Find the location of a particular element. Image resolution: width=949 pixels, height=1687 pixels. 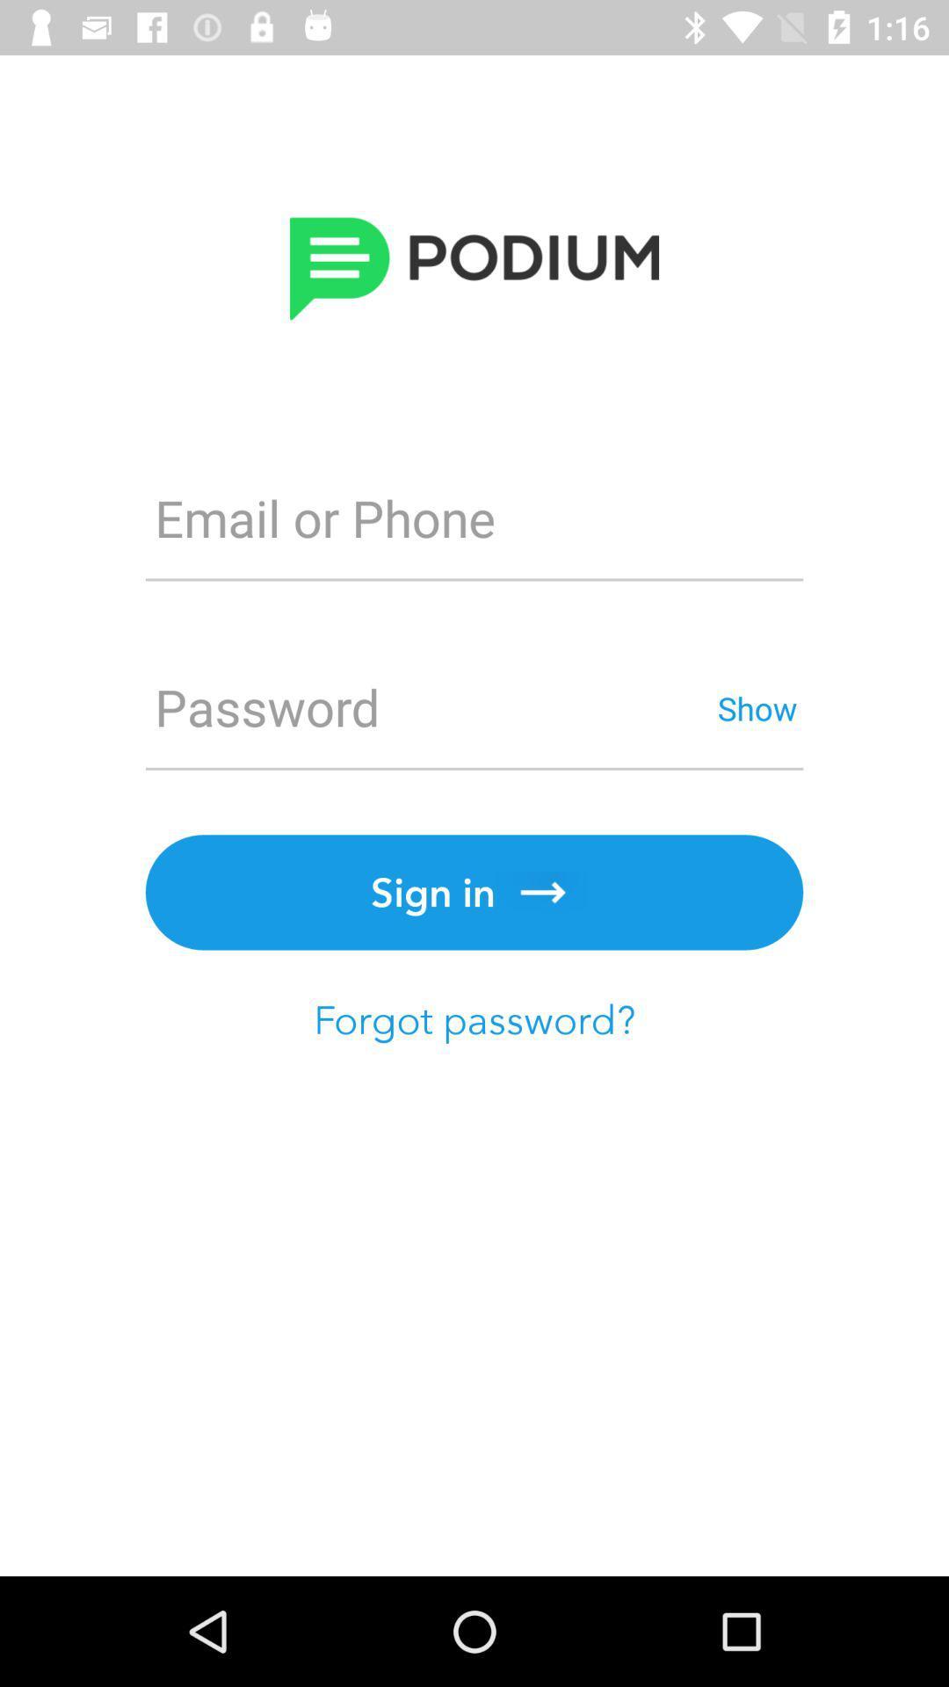

item next to show is located at coordinates (428, 707).